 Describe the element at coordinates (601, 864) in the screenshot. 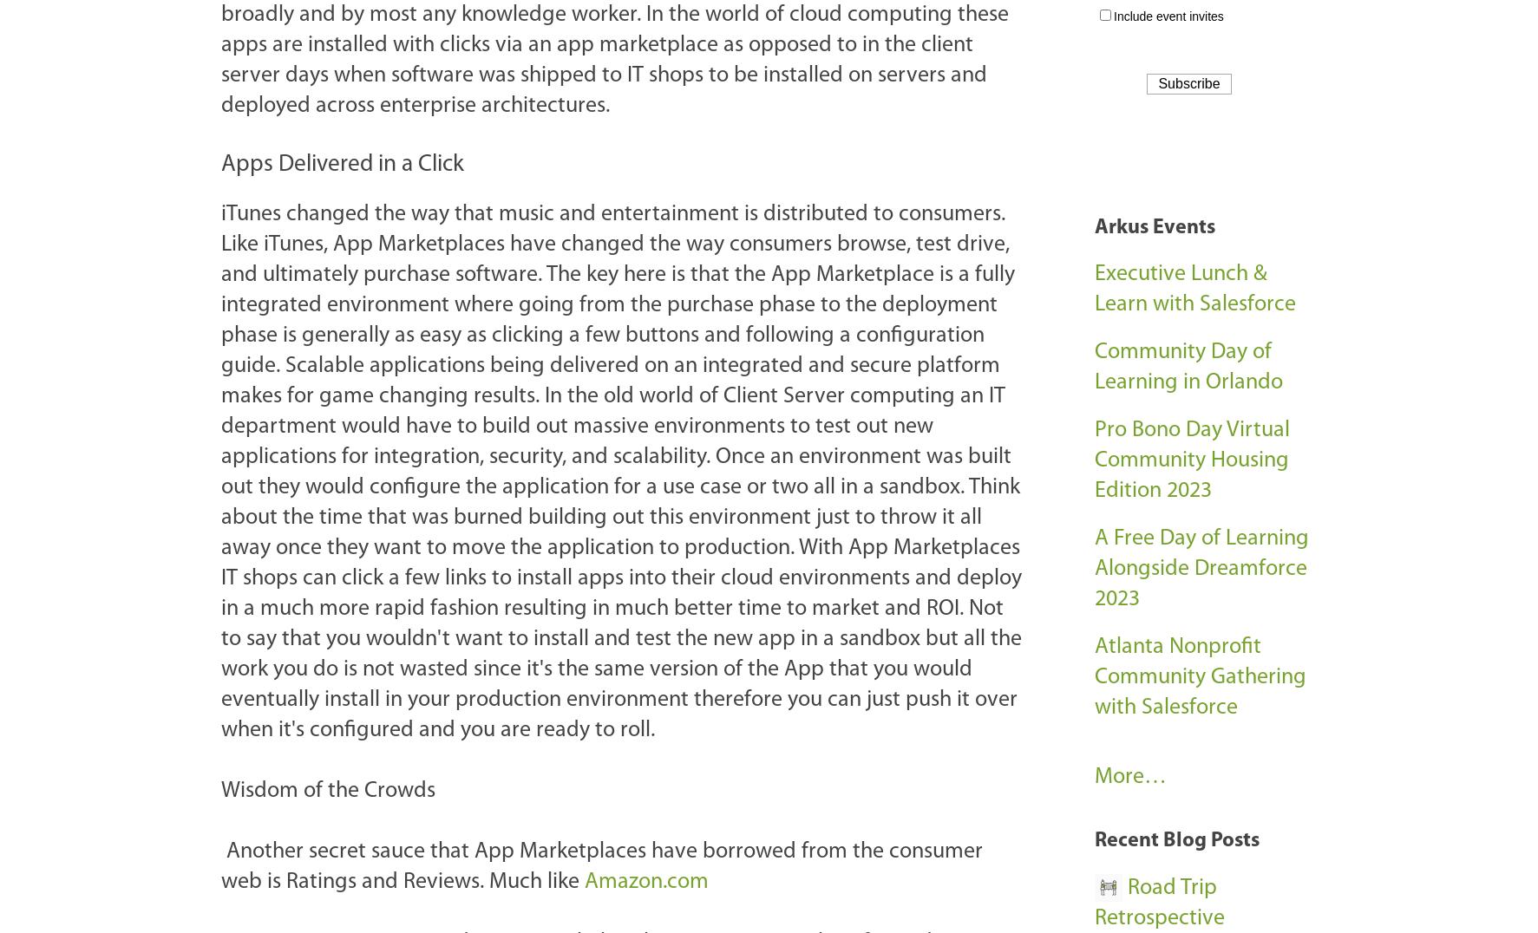

I see `'Another secret sauce that App Marketplaces have borrowed from the consumer web is Ratings and Reviews. Much like'` at that location.